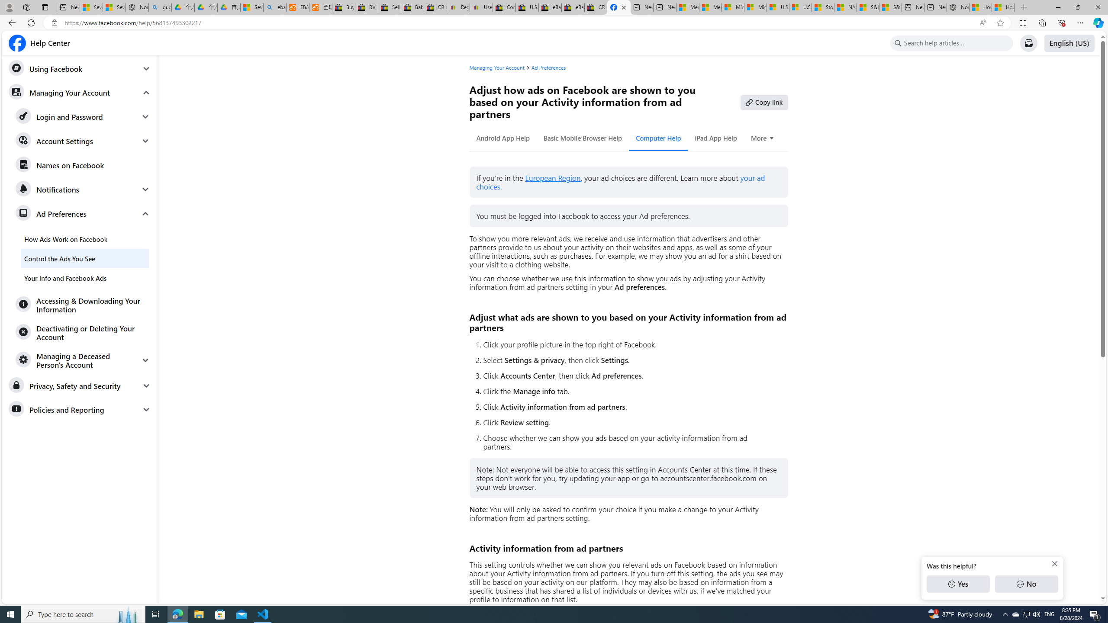  Describe the element at coordinates (503, 7) in the screenshot. I see `'Consumer Health Data Privacy Policy - eBay Inc.'` at that location.